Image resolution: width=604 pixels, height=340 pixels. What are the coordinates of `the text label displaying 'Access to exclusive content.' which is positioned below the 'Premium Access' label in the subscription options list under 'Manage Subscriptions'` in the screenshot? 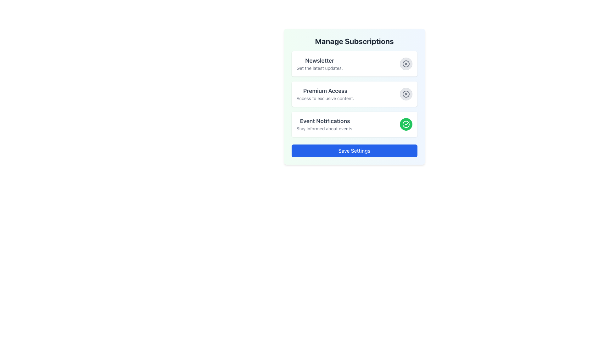 It's located at (325, 98).